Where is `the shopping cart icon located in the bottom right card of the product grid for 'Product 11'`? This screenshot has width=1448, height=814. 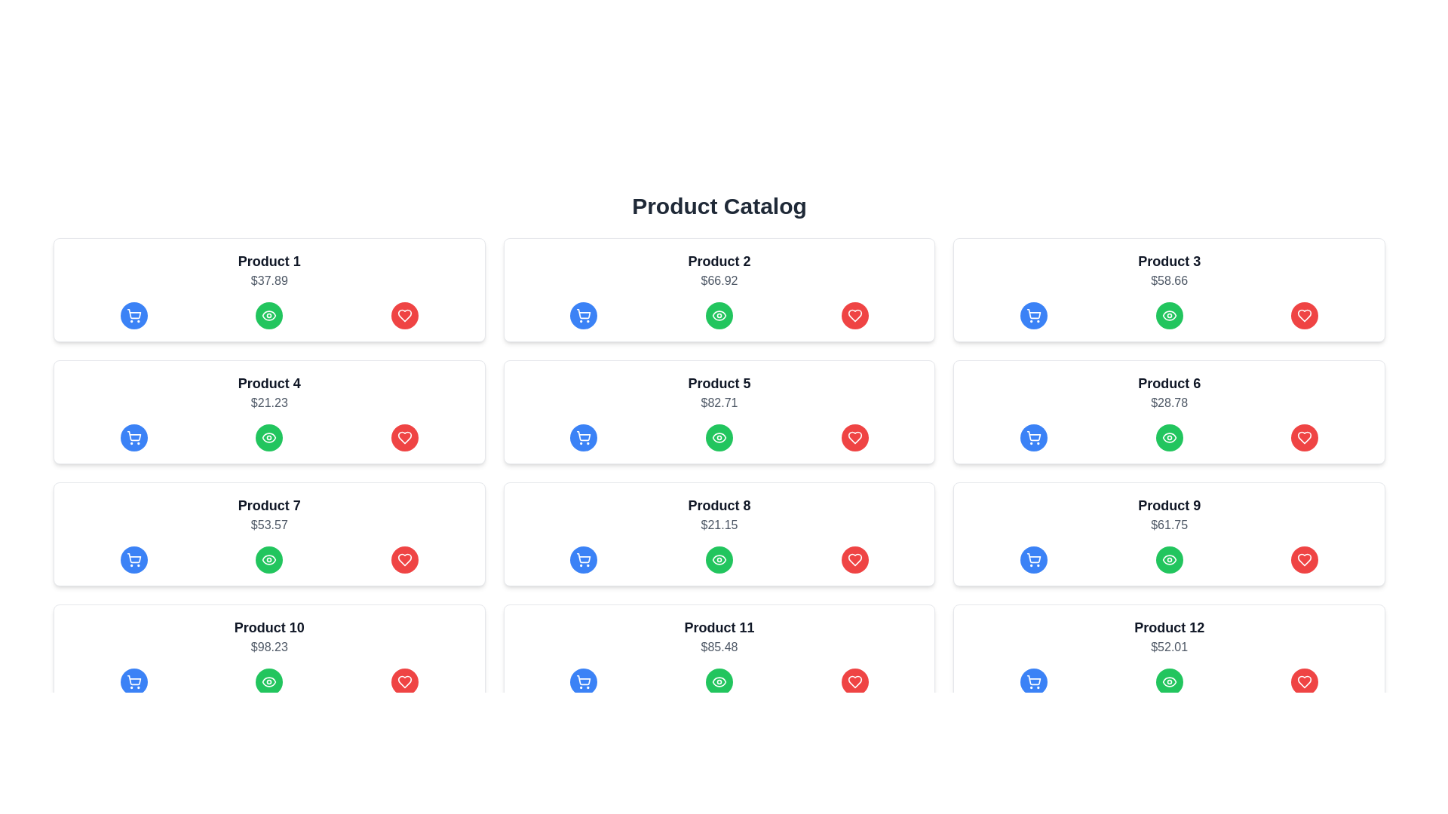 the shopping cart icon located in the bottom right card of the product grid for 'Product 11' is located at coordinates (583, 682).